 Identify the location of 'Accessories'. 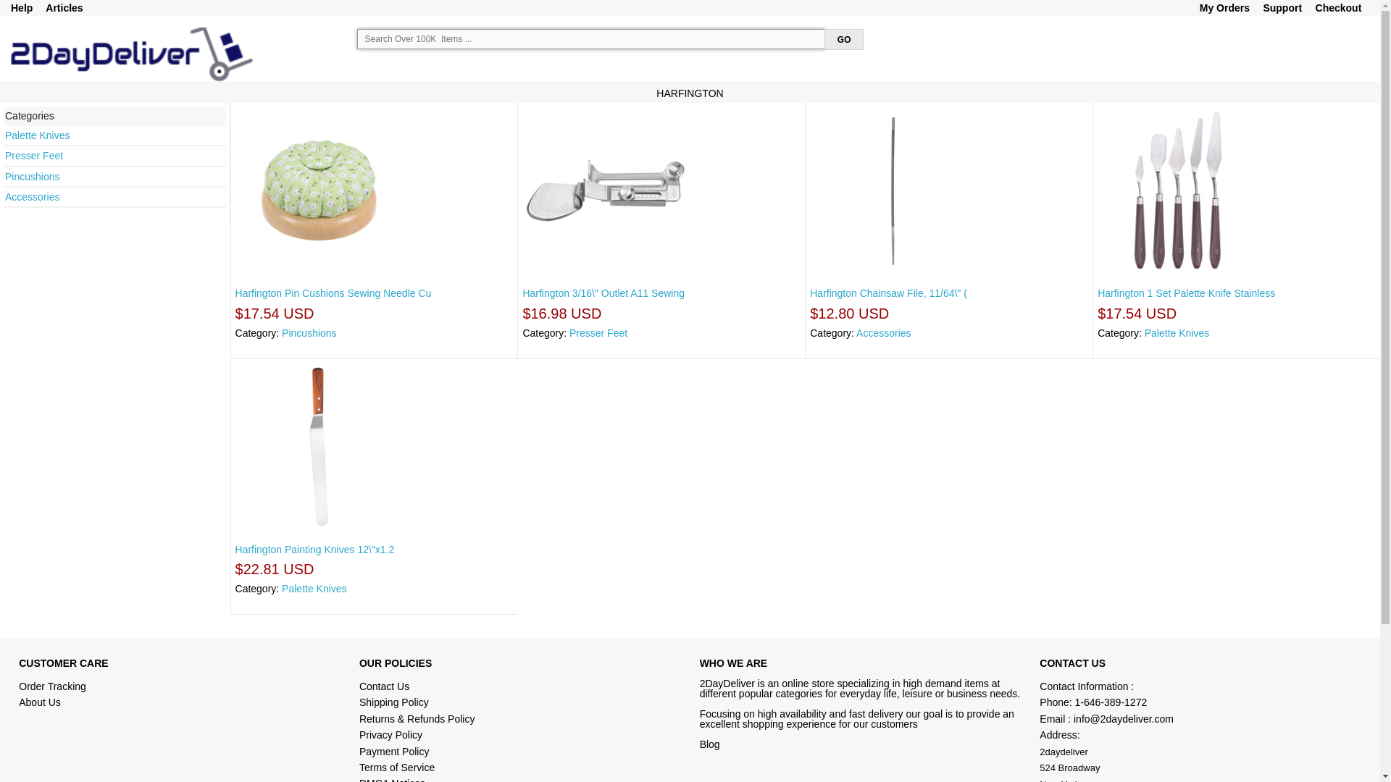
(882, 332).